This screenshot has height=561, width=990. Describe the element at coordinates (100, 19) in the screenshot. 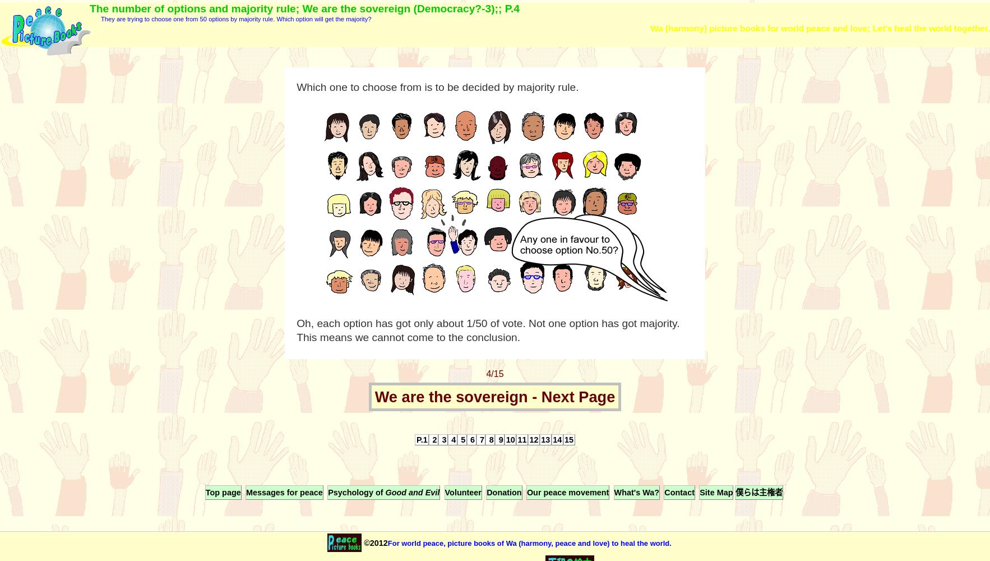

I see `'They are trying to choose one from 50 options by majority rule. Which option will get the majority?'` at that location.